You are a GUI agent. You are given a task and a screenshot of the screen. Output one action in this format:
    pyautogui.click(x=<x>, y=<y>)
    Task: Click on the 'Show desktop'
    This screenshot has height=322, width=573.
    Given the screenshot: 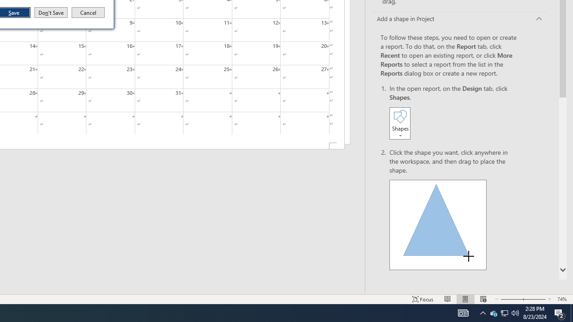 What is the action you would take?
    pyautogui.click(x=571, y=312)
    